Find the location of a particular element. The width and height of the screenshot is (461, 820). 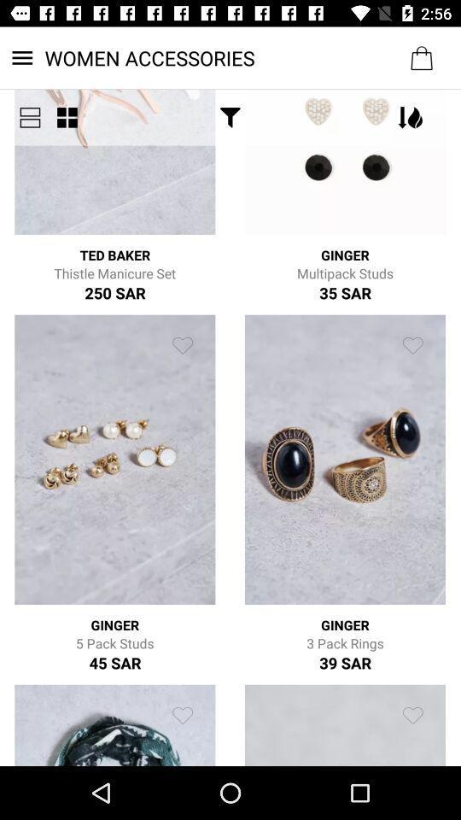

the icon below the women accessories item is located at coordinates (230, 116).